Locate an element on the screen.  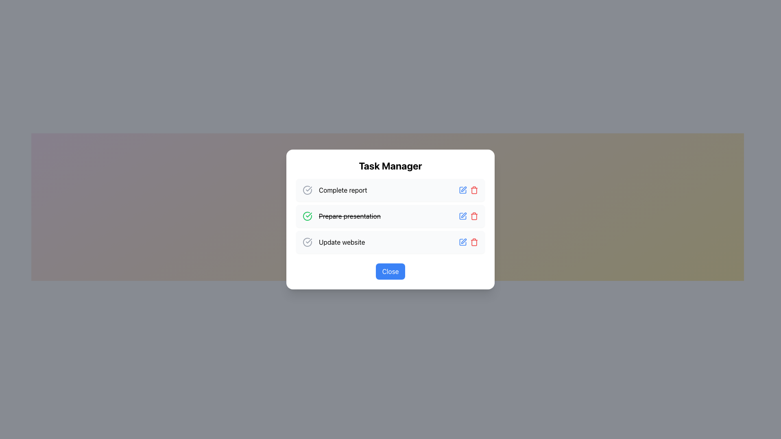
the first task item in the task manager interface, which is labeled 'Complete report' is located at coordinates (390, 190).